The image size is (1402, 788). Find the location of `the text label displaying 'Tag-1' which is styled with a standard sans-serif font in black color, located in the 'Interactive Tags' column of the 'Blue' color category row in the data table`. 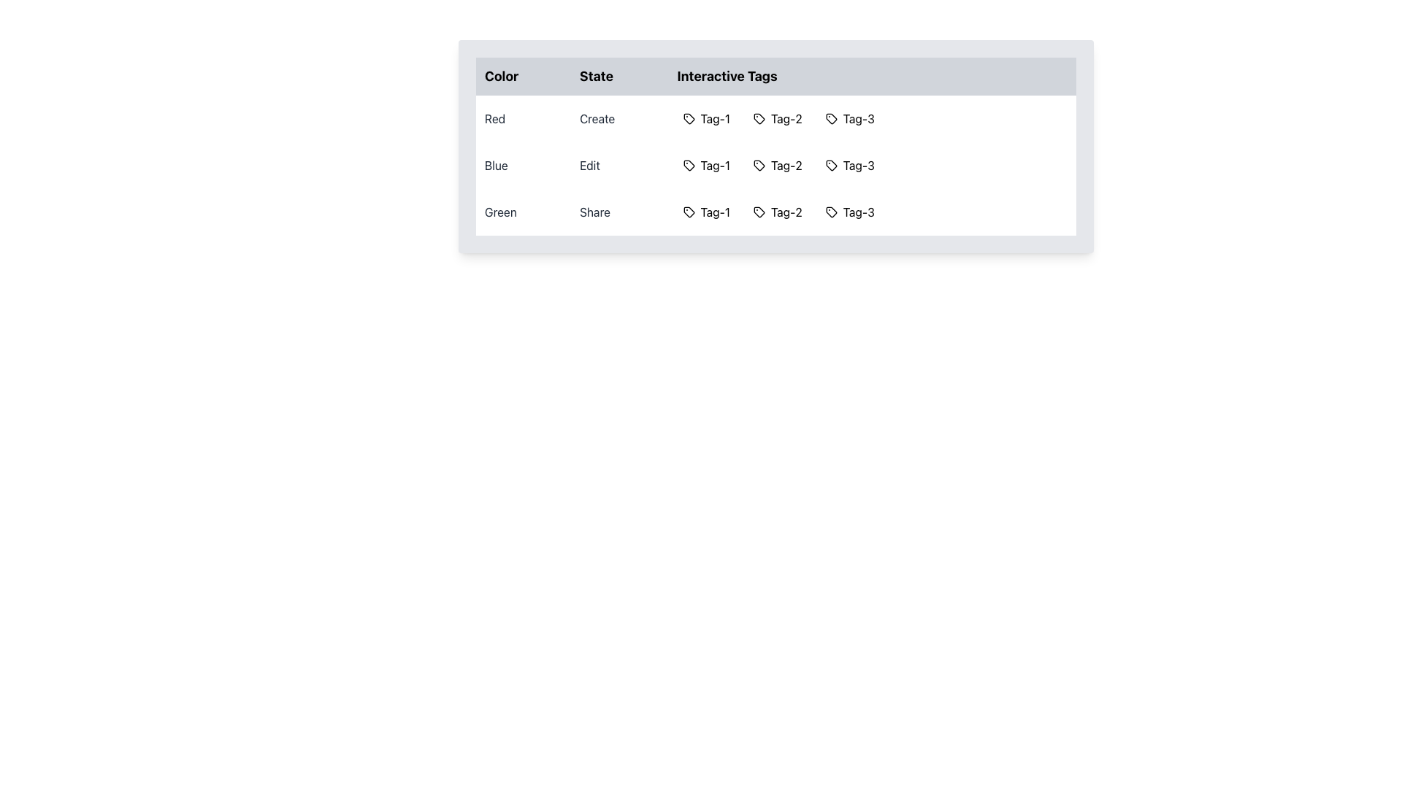

the text label displaying 'Tag-1' which is styled with a standard sans-serif font in black color, located in the 'Interactive Tags' column of the 'Blue' color category row in the data table is located at coordinates (715, 165).